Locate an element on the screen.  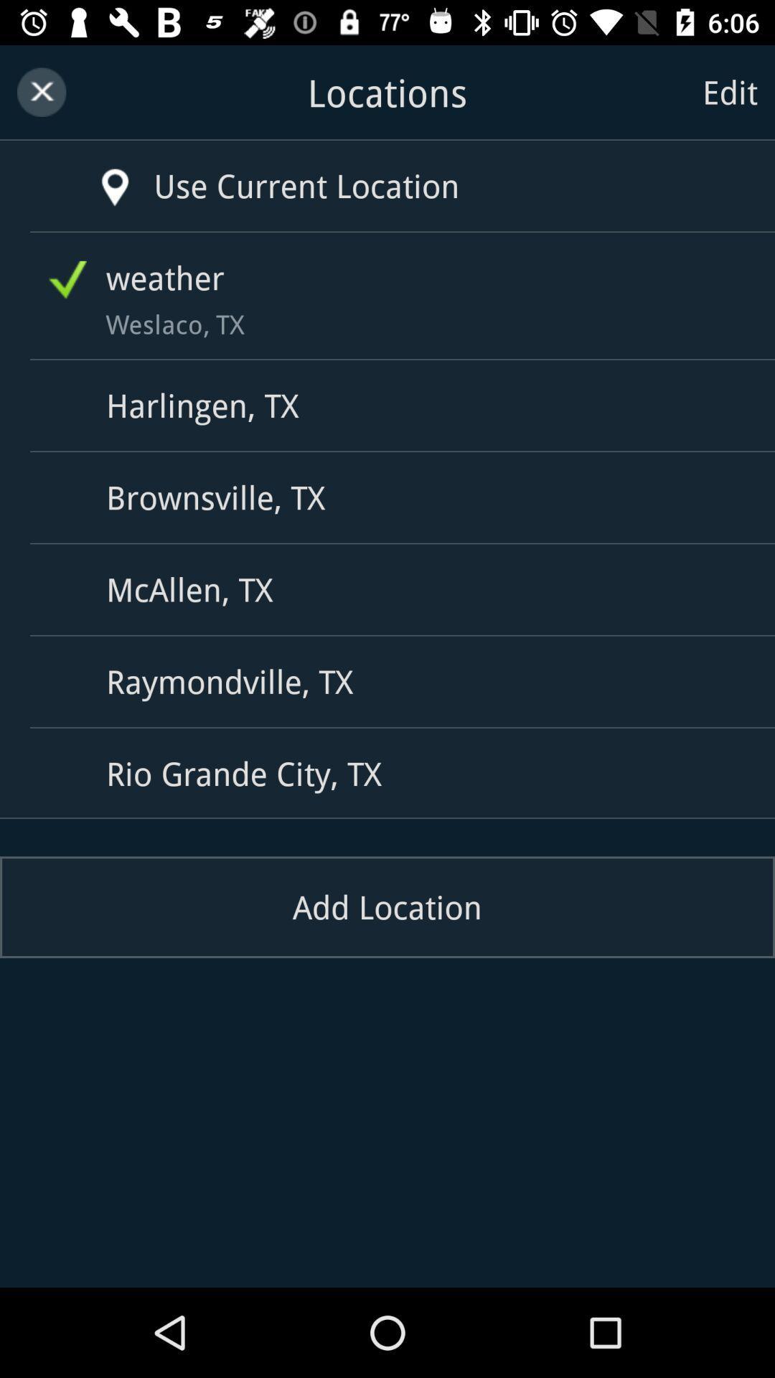
the symbol which is to the left side of the weather is located at coordinates (67, 279).